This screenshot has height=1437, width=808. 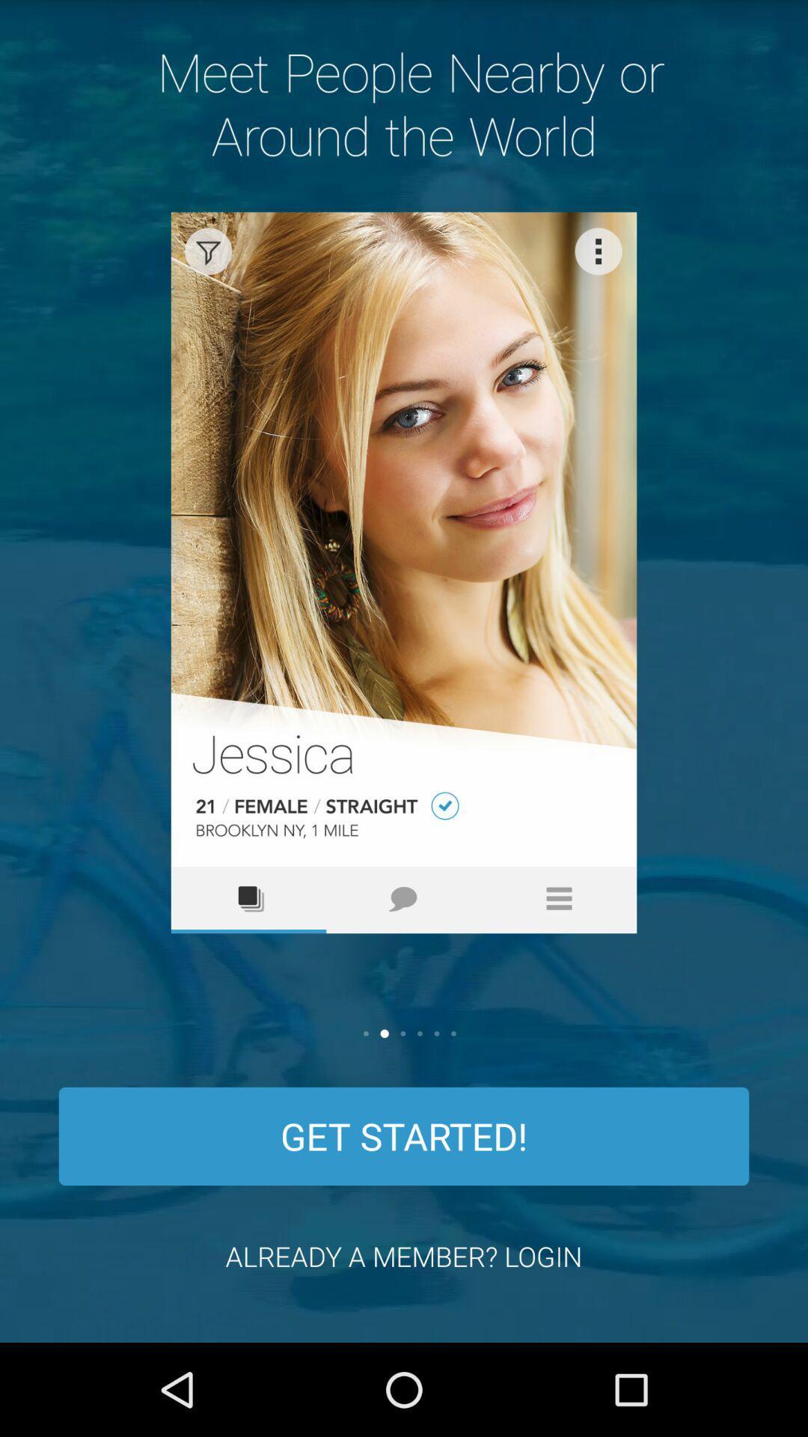 I want to click on already a member button, so click(x=404, y=1256).